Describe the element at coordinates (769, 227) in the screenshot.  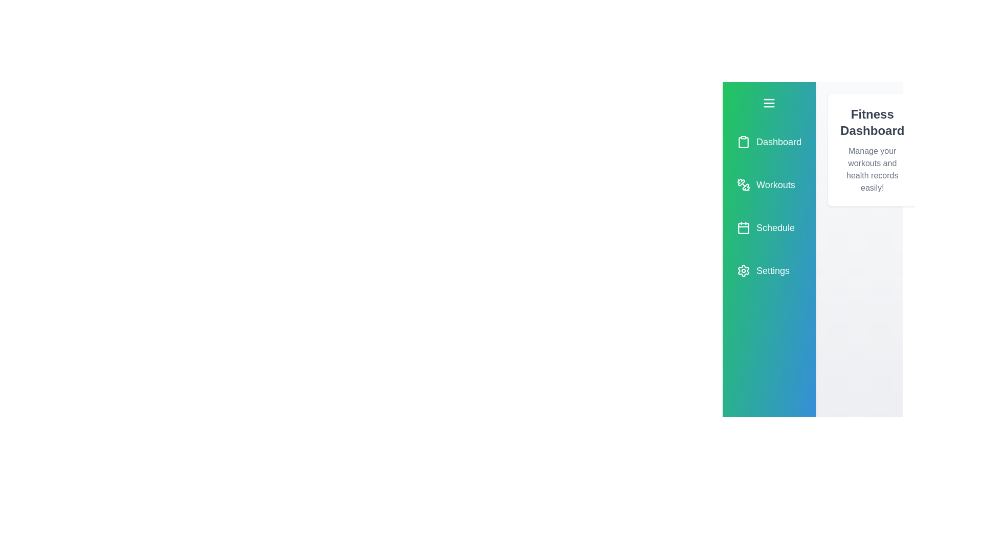
I see `the menu item 'Schedule' to trigger the hover effect` at that location.